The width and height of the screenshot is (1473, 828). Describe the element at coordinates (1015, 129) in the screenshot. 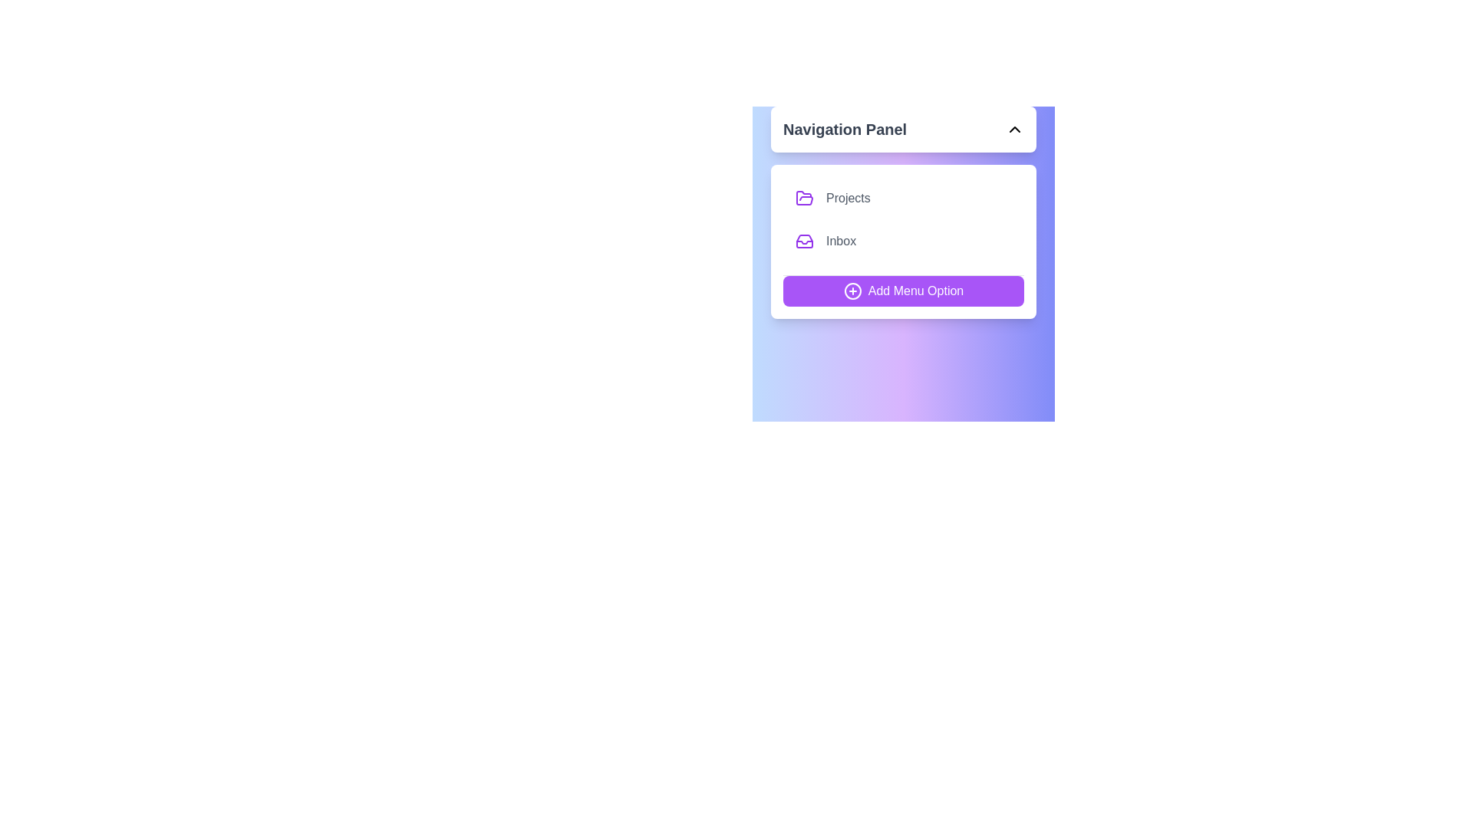

I see `the upward chevron icon to collapse the navigation panel` at that location.